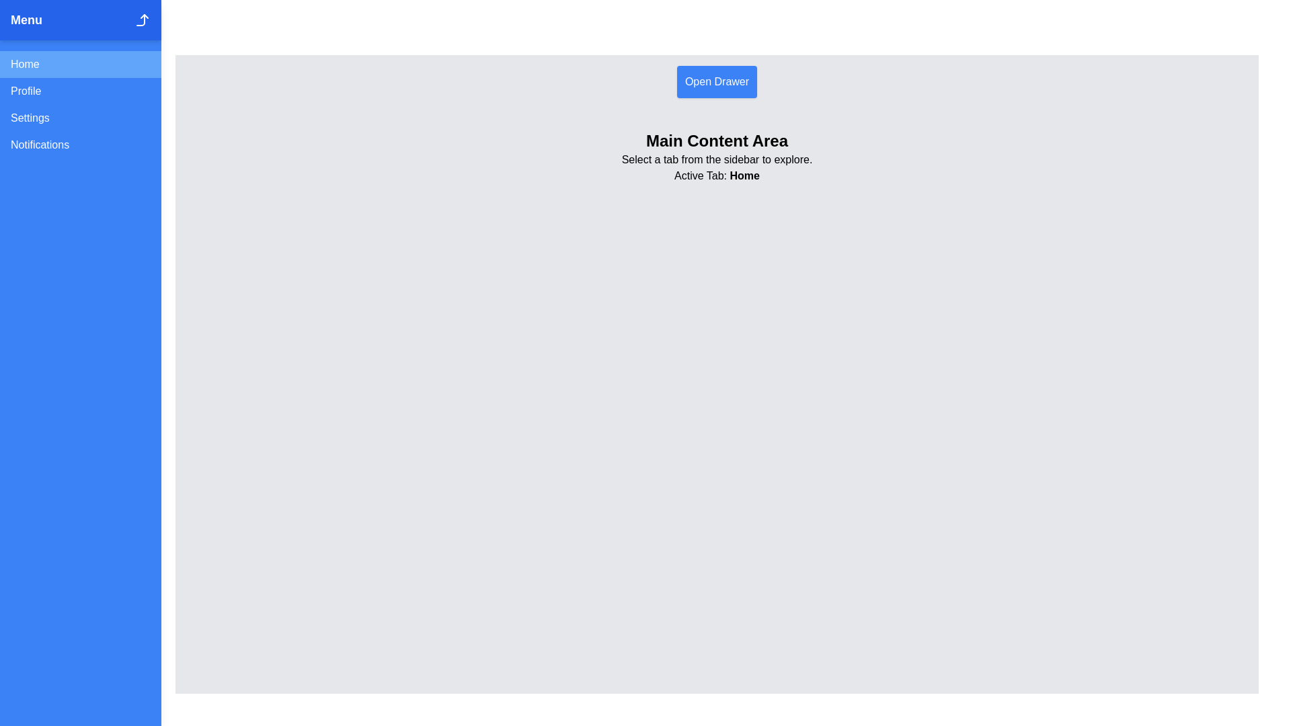  What do you see at coordinates (716, 82) in the screenshot?
I see `the interactive button located in the top portion of the main content area` at bounding box center [716, 82].